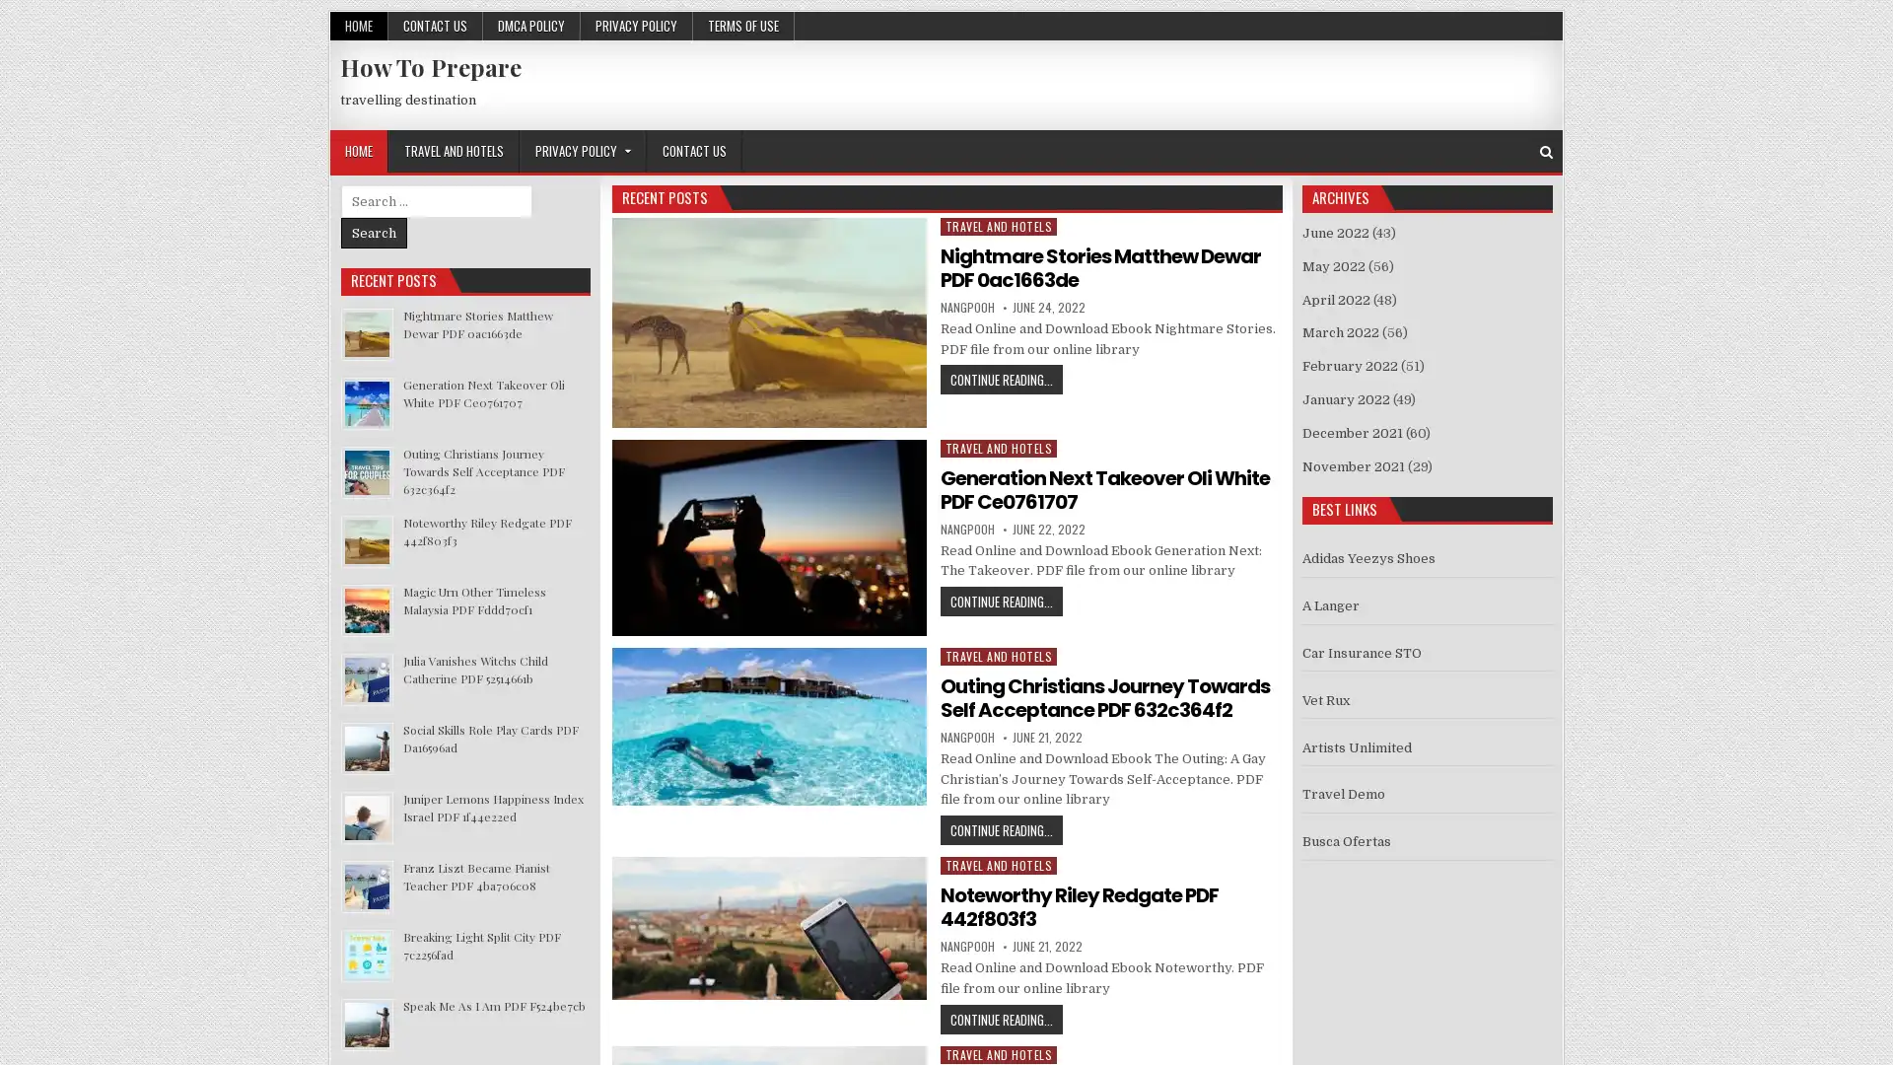  What do you see at coordinates (373, 232) in the screenshot?
I see `Search` at bounding box center [373, 232].